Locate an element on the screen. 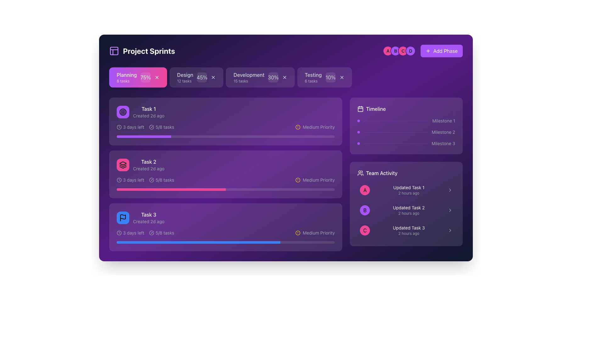  the rectangular SVG graphical component with rounded corners located in the top-left corner of the interface, adjacent to the title text 'Project Sprints.' is located at coordinates (114, 51).